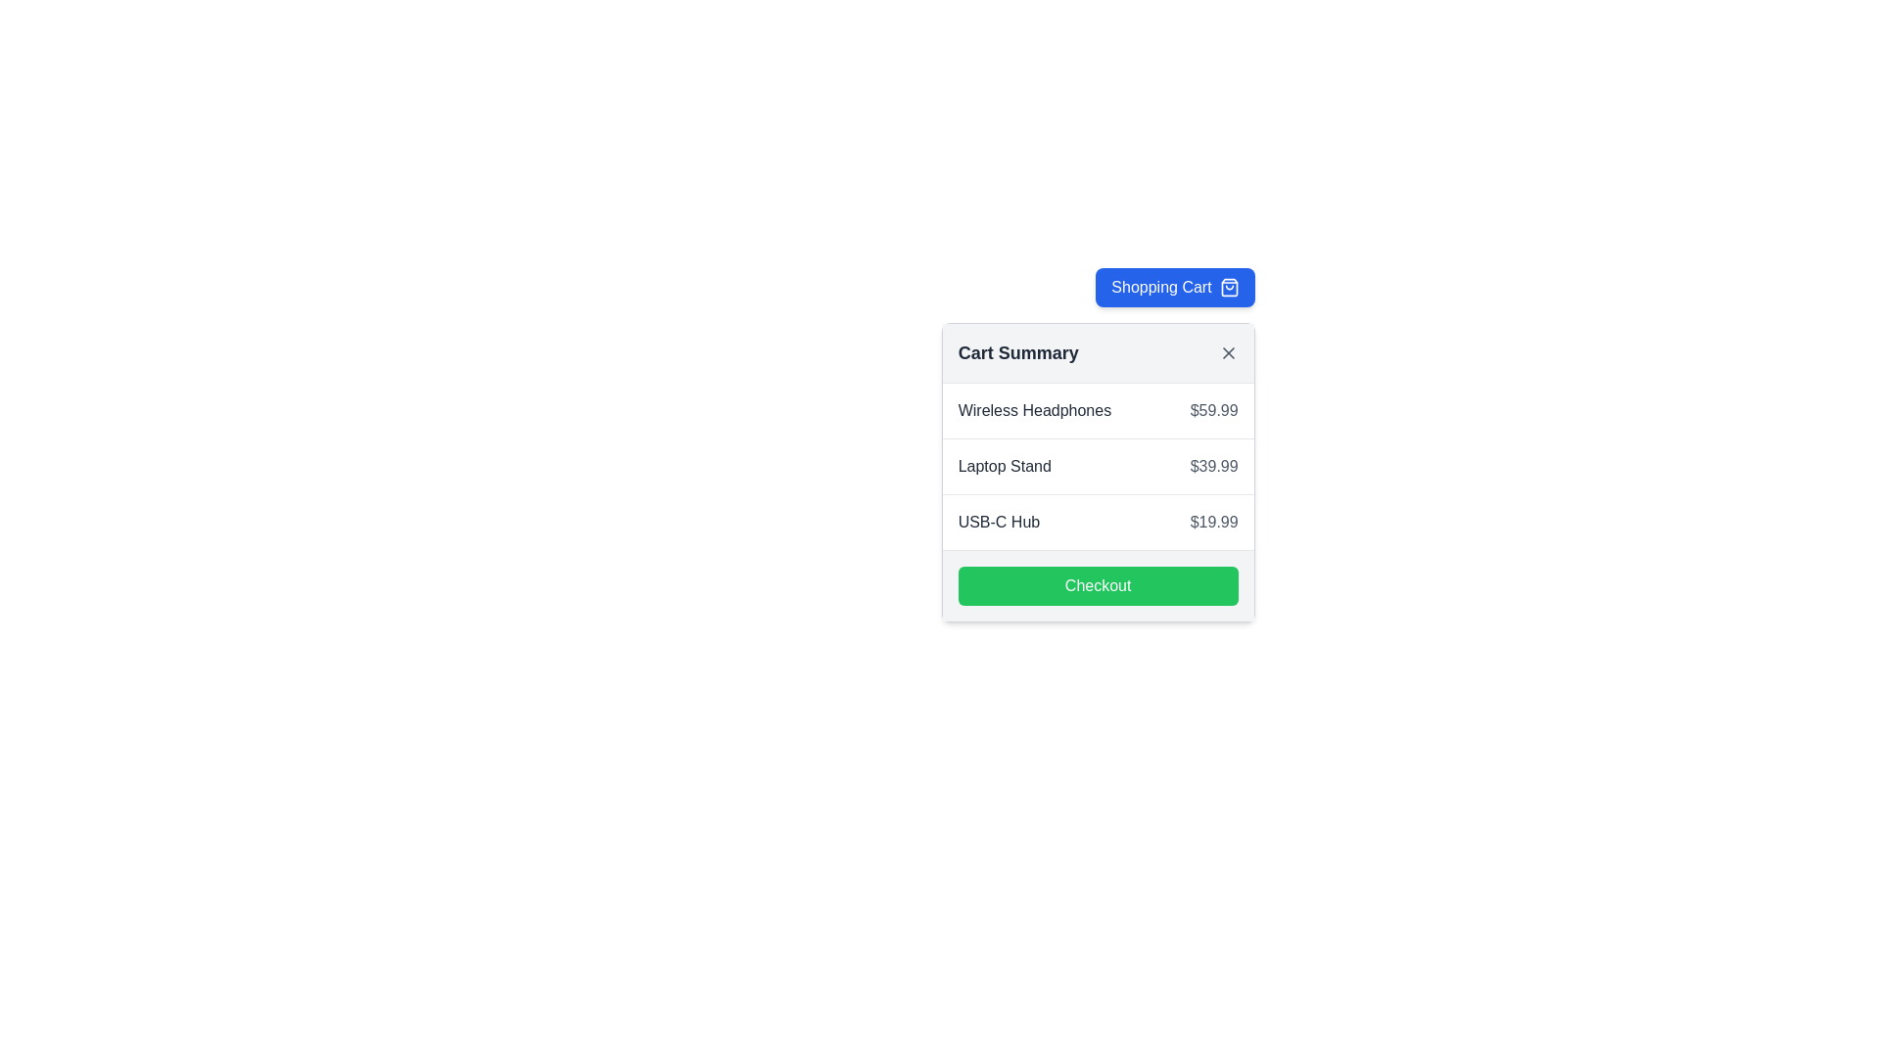 The image size is (1880, 1057). Describe the element at coordinates (1005, 467) in the screenshot. I see `the text label displaying 'Laptop Stand' in dark gray, located on the left side of the cart summary item line` at that location.